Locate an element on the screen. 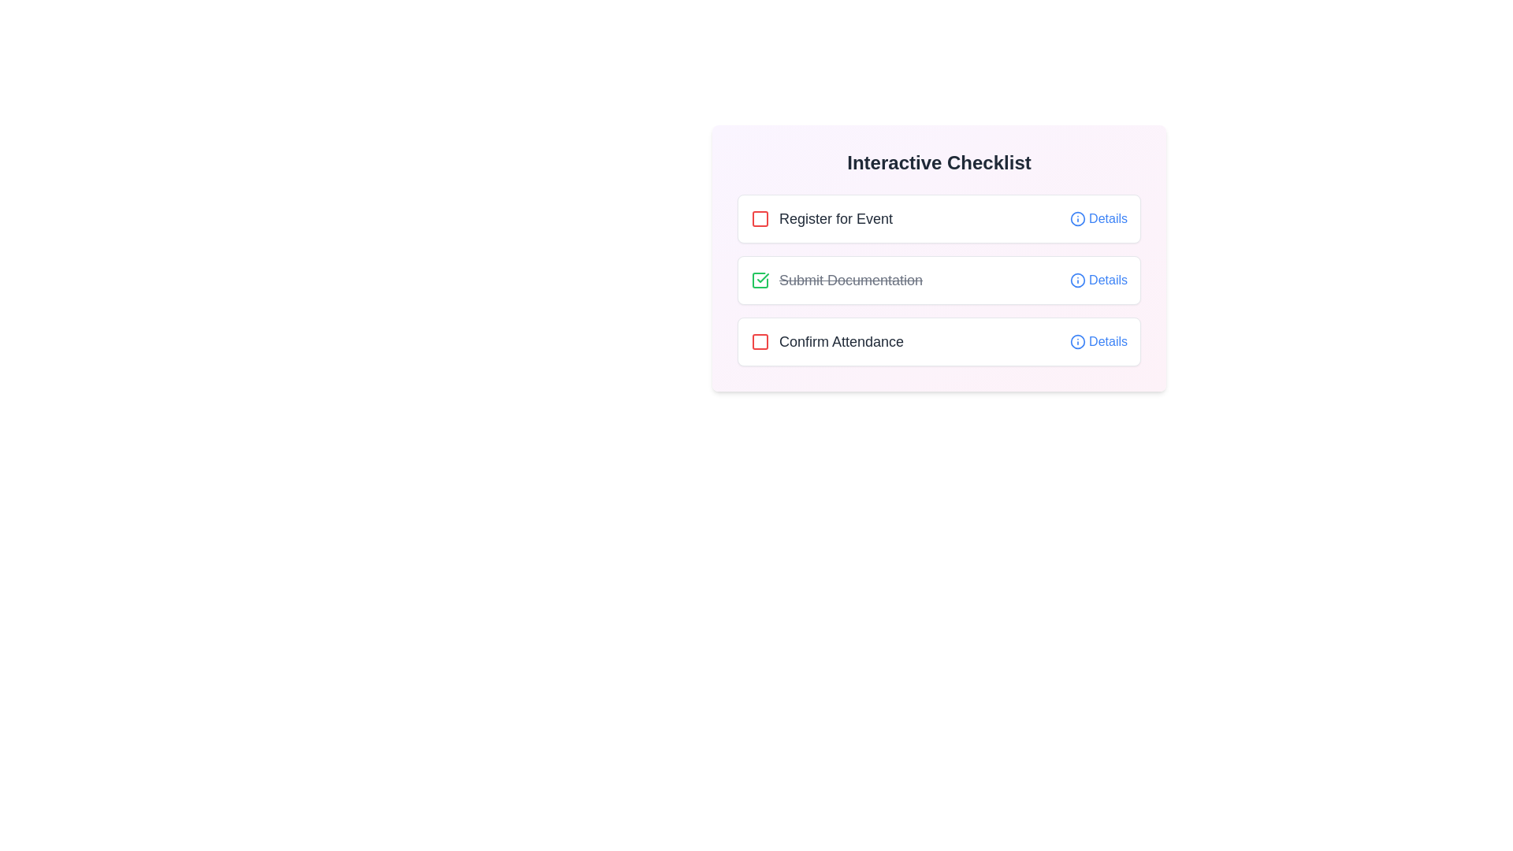 The width and height of the screenshot is (1513, 851). the clickable text labeled 'Details' styled with a blue font color is located at coordinates (1098, 279).